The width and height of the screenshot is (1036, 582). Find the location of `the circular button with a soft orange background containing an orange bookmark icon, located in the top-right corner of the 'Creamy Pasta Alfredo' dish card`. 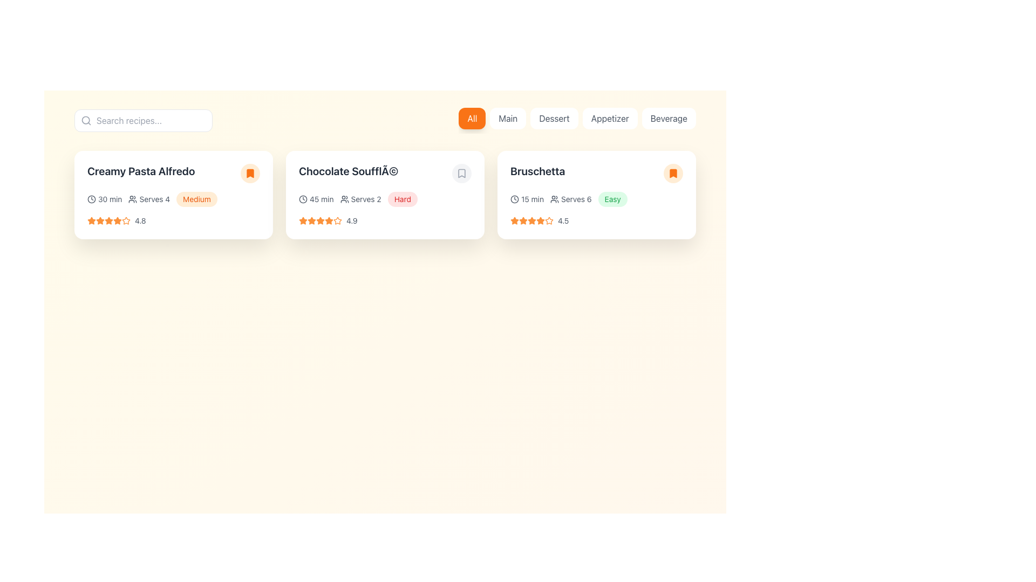

the circular button with a soft orange background containing an orange bookmark icon, located in the top-right corner of the 'Creamy Pasta Alfredo' dish card is located at coordinates (250, 172).